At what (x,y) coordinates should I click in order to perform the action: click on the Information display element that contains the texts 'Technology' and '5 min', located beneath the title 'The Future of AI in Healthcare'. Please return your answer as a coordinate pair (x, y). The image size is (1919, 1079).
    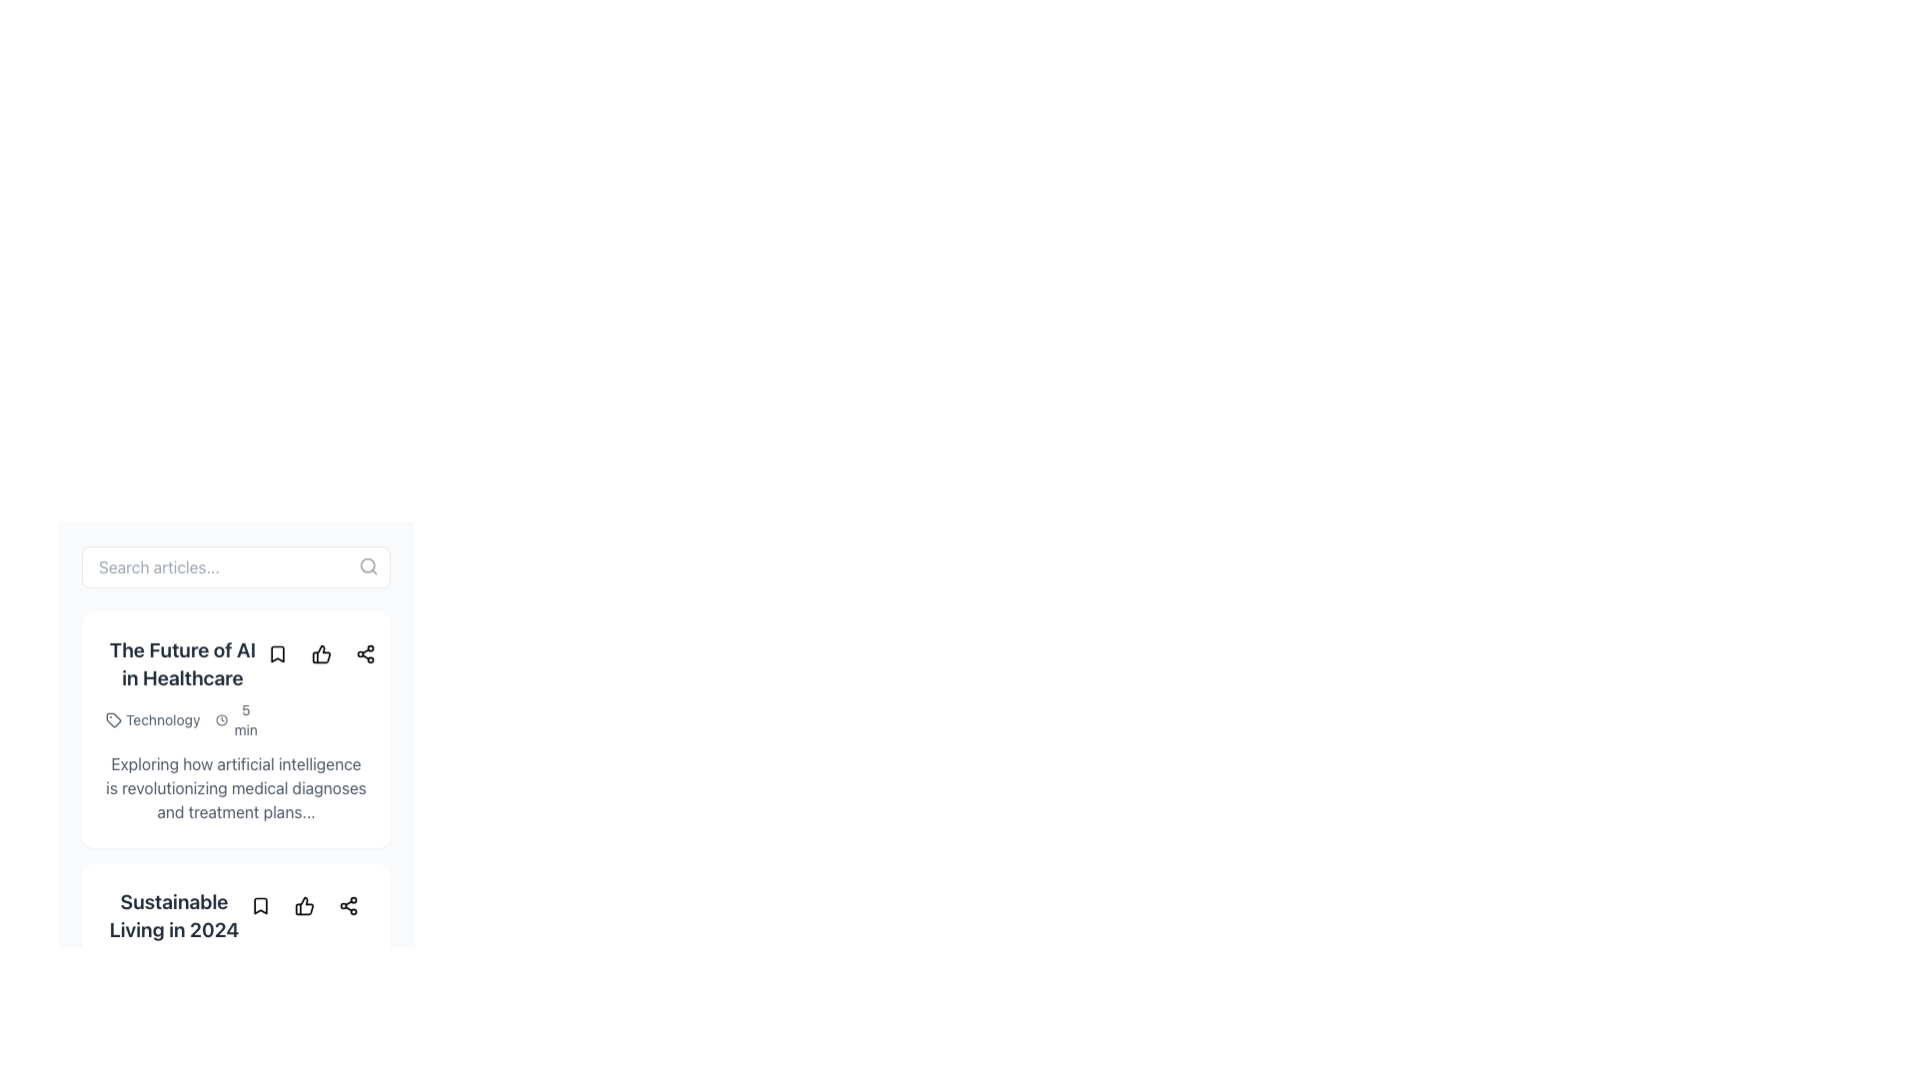
    Looking at the image, I should click on (182, 720).